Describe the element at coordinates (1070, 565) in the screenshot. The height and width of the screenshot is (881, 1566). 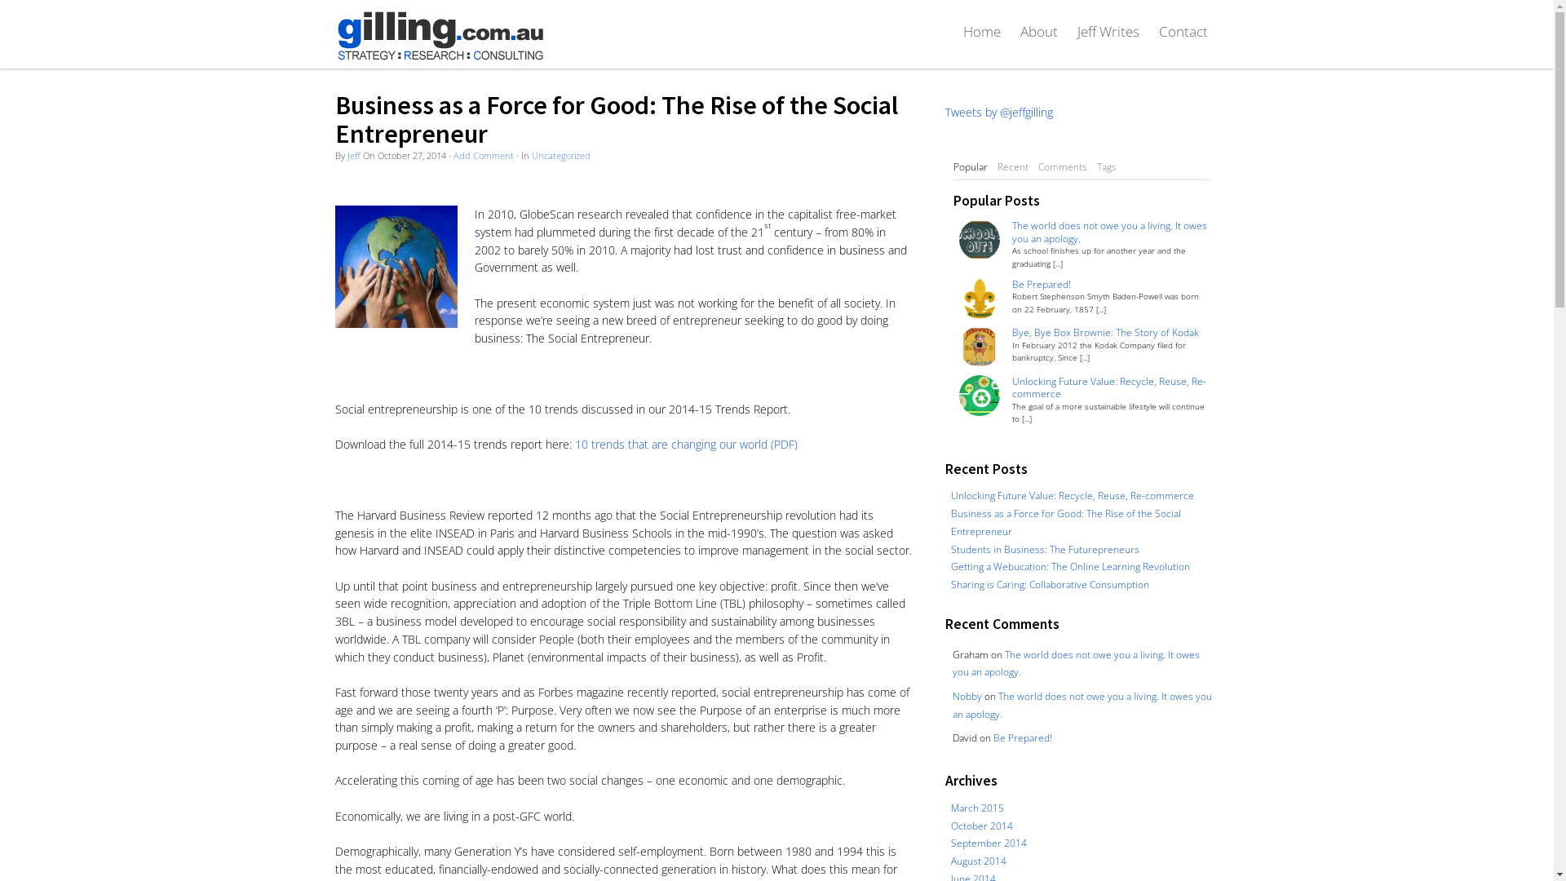
I see `'Getting a Webucation: The Online Learning Revolution'` at that location.